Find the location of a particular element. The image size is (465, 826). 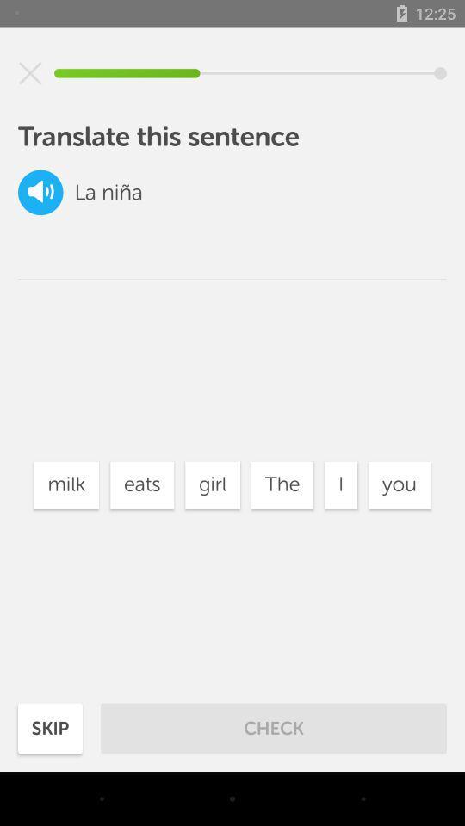

repeat phrase is located at coordinates (40, 192).